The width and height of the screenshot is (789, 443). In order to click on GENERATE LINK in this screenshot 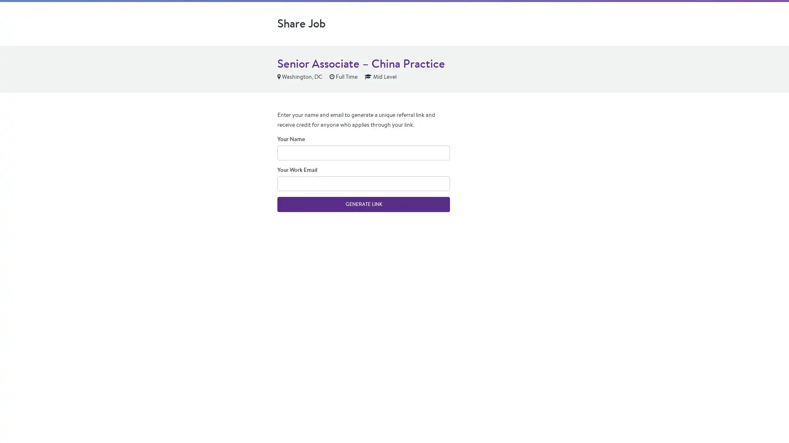, I will do `click(363, 203)`.